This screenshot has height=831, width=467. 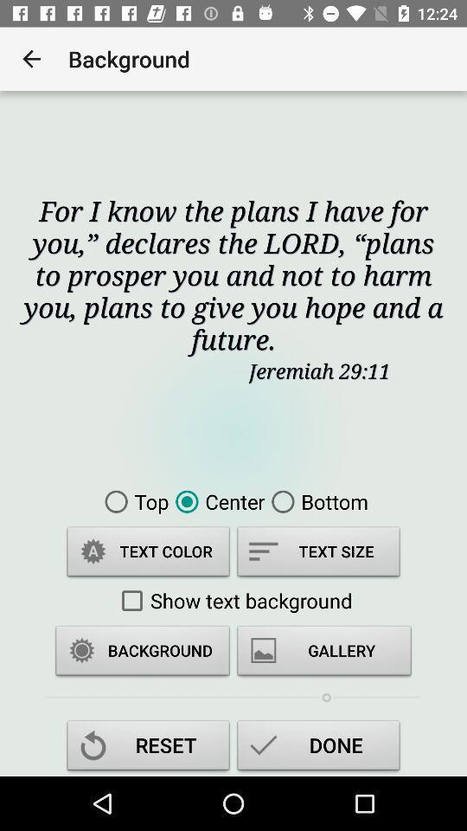 What do you see at coordinates (216, 501) in the screenshot?
I see `item next to bottom icon` at bounding box center [216, 501].